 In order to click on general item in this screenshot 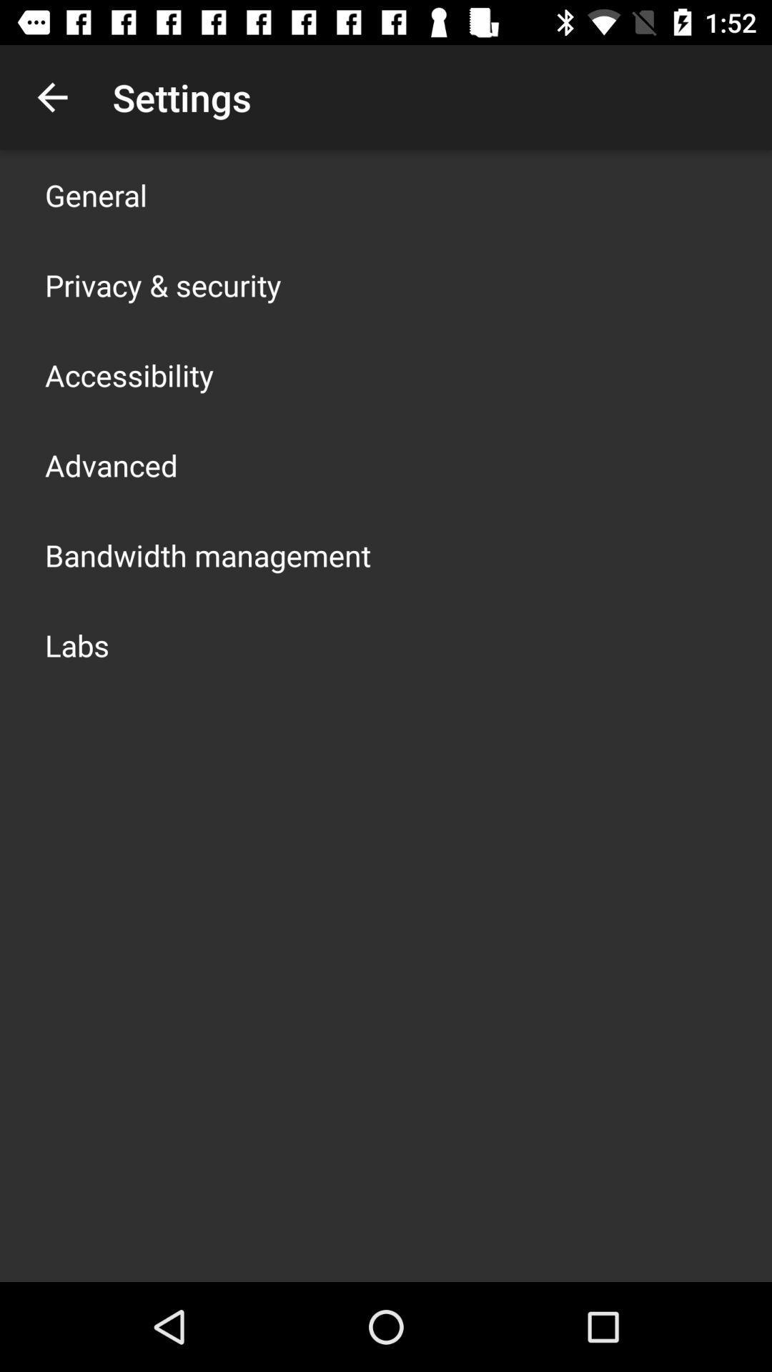, I will do `click(96, 194)`.